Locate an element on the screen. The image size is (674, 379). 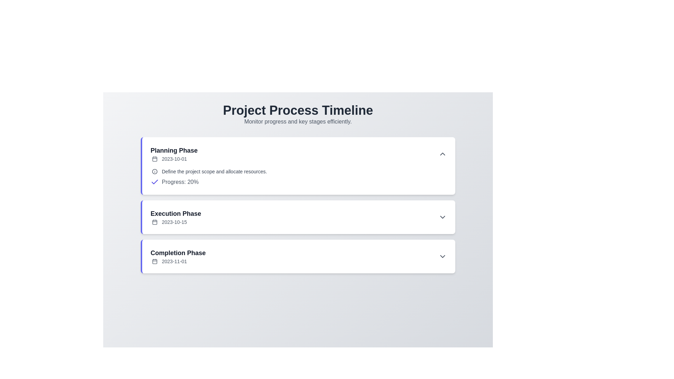
the chevron dropdown toggle icon located at the far right of the 'Execution Phase' card is located at coordinates (442, 217).